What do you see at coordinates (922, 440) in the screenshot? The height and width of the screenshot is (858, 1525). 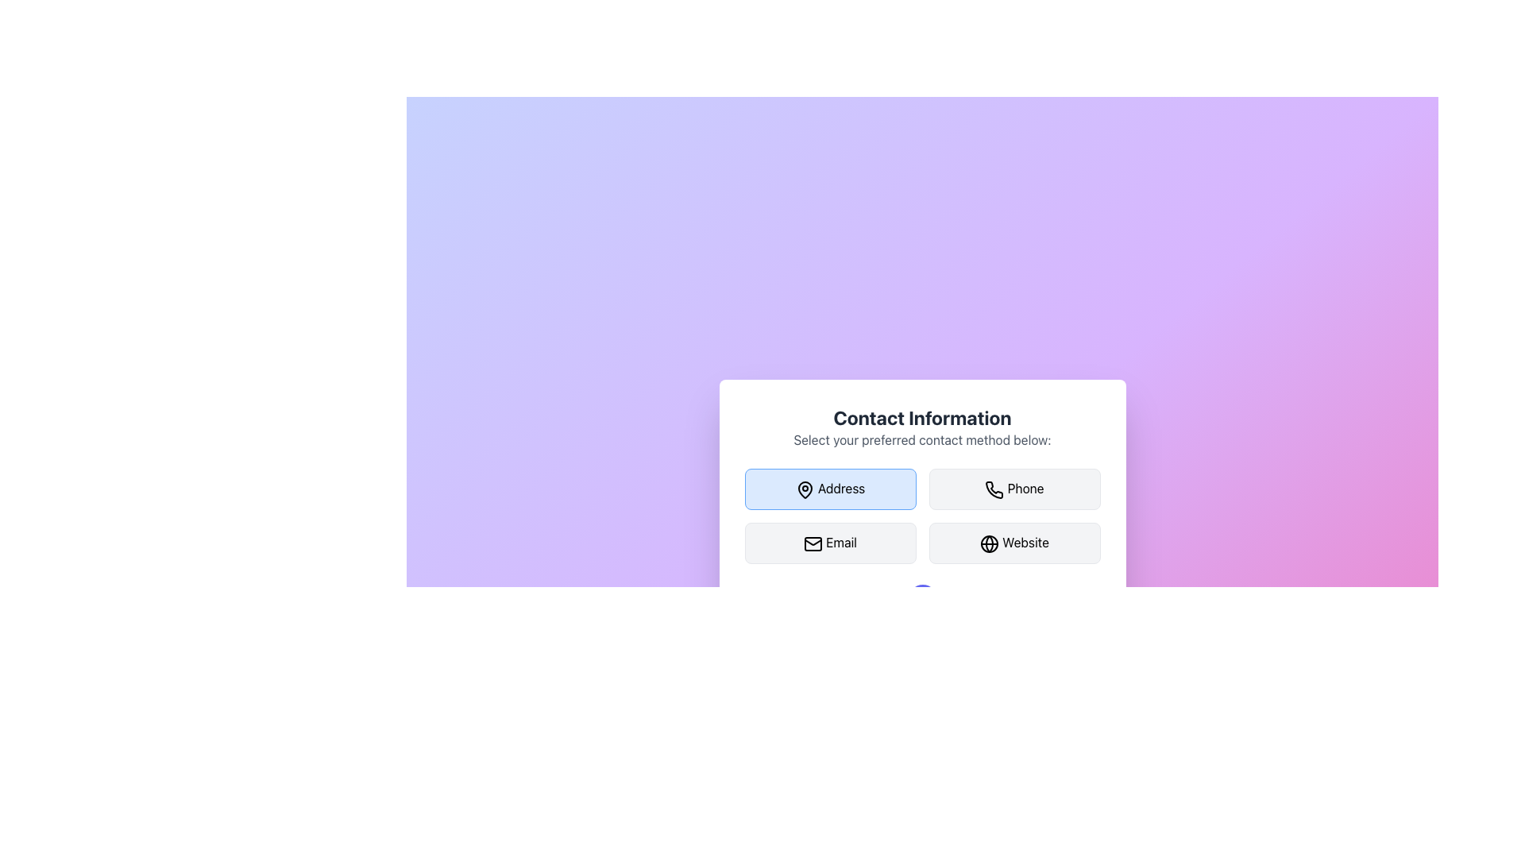 I see `the text label that instructs users to choose a contact method, located below the 'Contact Information' title` at bounding box center [922, 440].